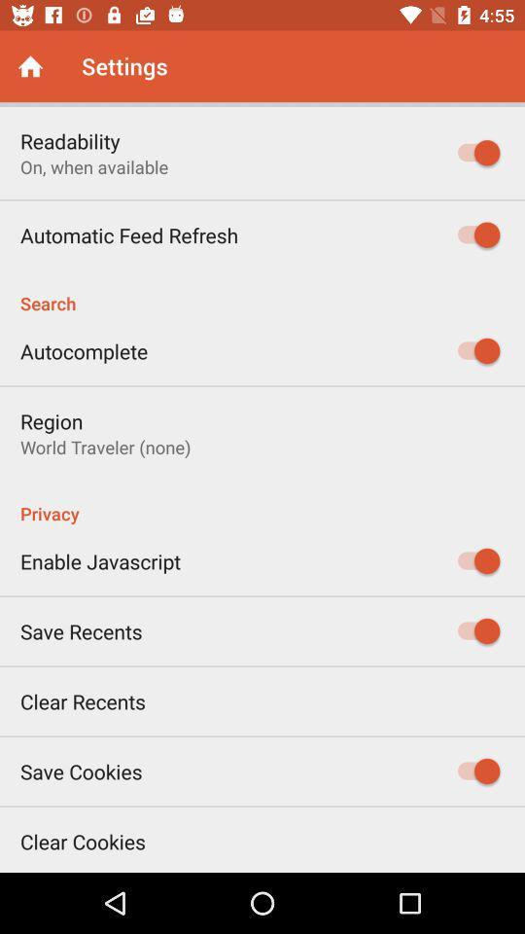 Image resolution: width=525 pixels, height=934 pixels. I want to click on the icon next to the settings, so click(29, 66).